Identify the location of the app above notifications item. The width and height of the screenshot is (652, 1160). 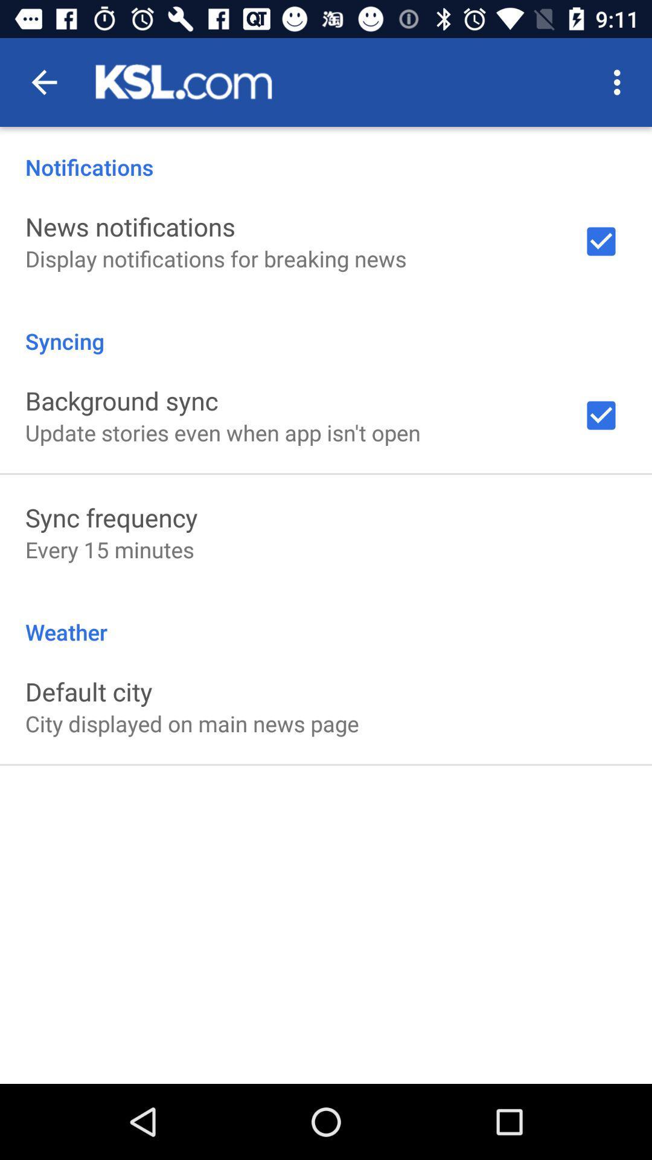
(43, 82).